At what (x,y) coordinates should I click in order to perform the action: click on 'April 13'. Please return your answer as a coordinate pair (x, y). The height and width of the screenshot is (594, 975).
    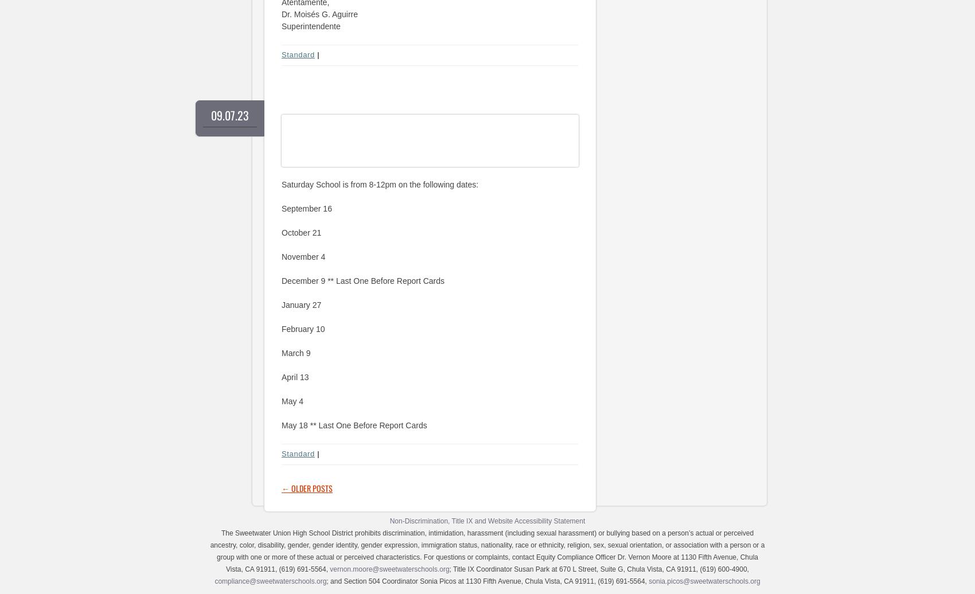
    Looking at the image, I should click on (295, 377).